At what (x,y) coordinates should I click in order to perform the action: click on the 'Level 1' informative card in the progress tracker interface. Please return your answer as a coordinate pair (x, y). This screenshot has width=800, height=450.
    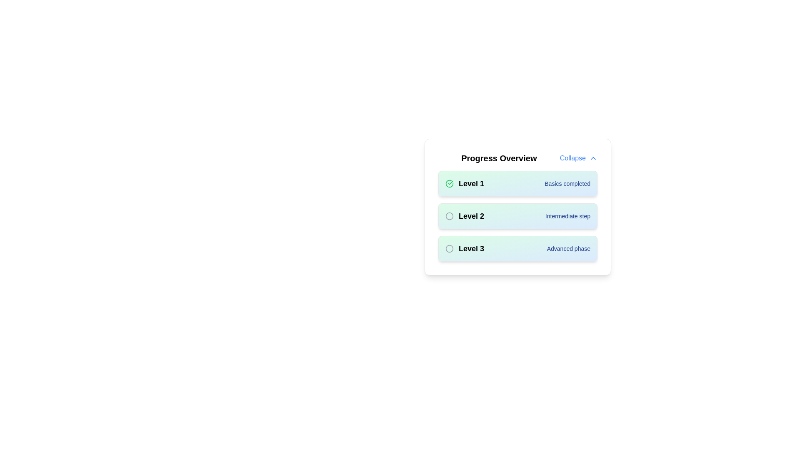
    Looking at the image, I should click on (517, 183).